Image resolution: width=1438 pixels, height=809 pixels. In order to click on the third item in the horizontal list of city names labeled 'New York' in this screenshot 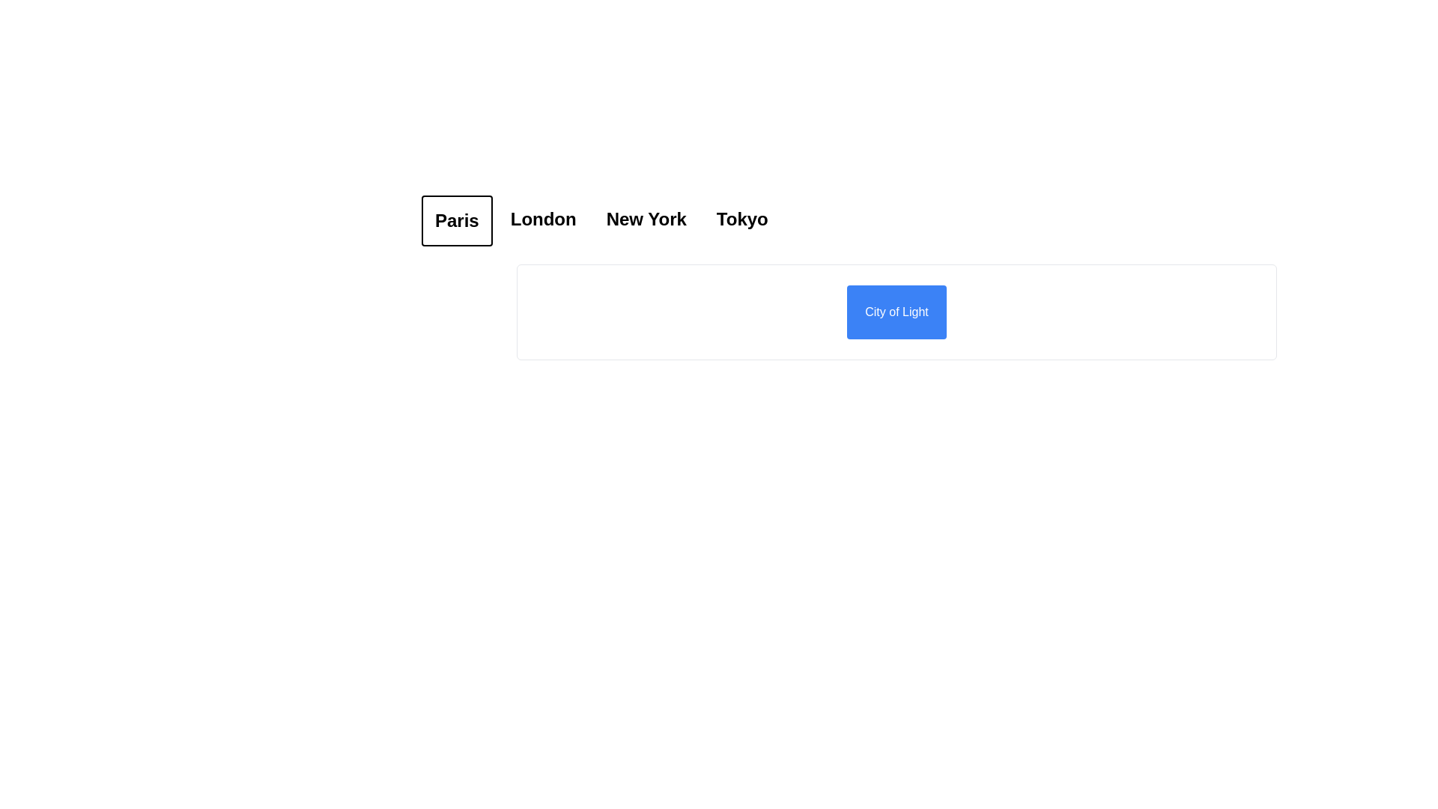, I will do `click(646, 220)`.